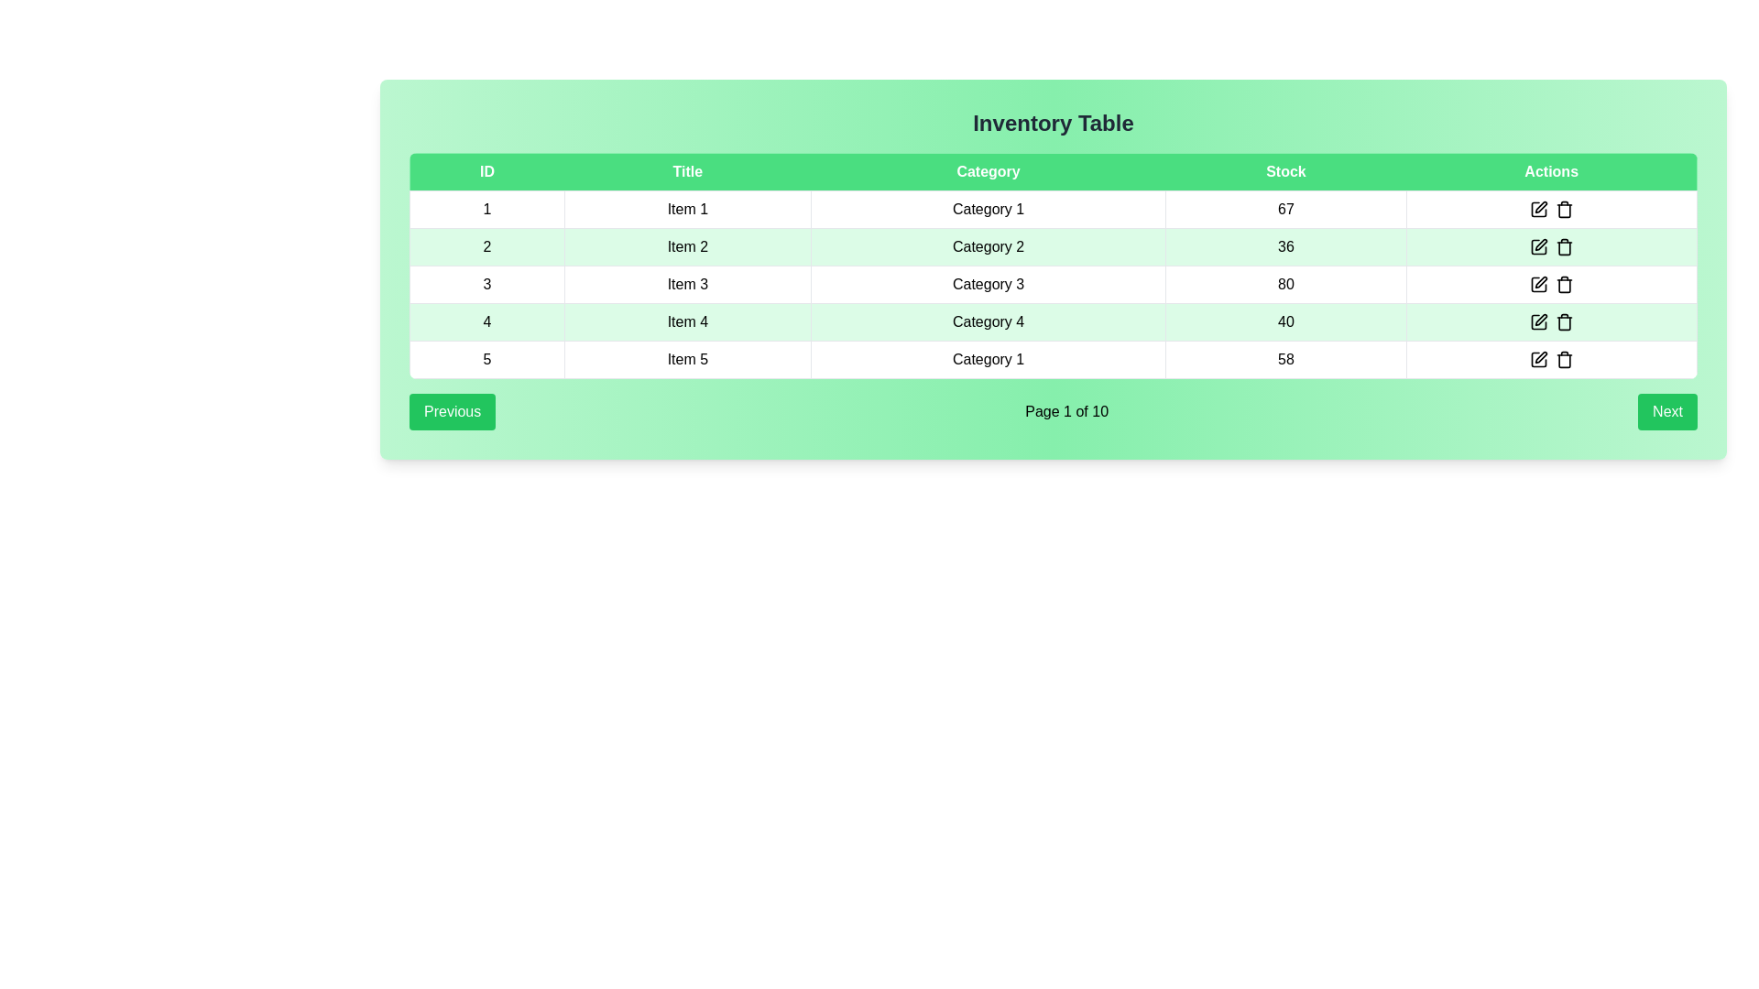 The image size is (1759, 989). Describe the element at coordinates (988, 285) in the screenshot. I see `the Table Cell located in the third row under the 'Category' column, which is the third cell in that row` at that location.